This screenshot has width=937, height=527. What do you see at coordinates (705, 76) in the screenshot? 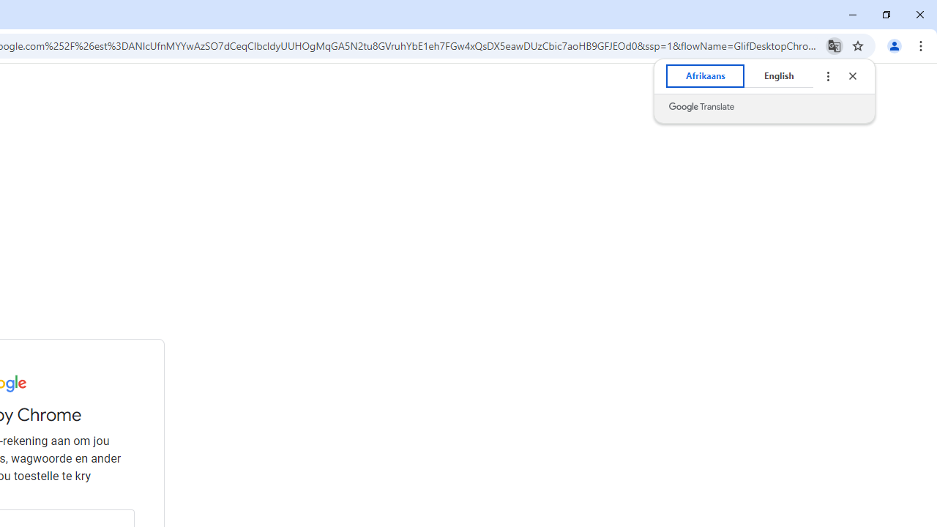
I see `'Afrikaans'` at bounding box center [705, 76].